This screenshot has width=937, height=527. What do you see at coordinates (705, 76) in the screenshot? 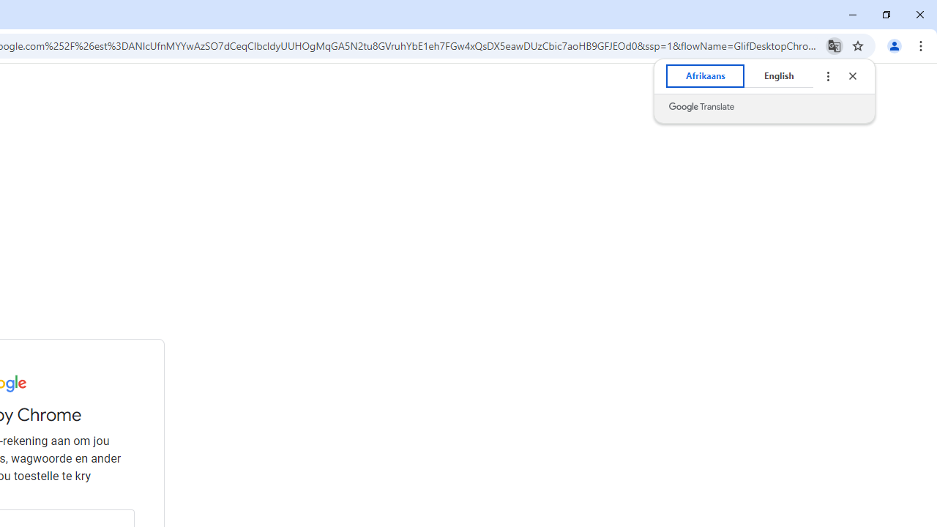
I see `'Afrikaans'` at bounding box center [705, 76].